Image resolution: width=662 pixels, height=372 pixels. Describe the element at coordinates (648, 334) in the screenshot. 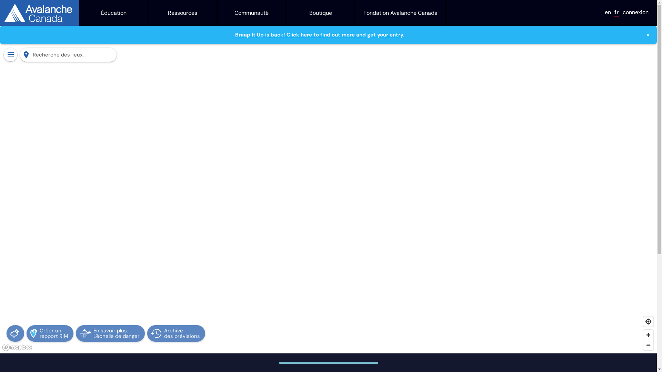

I see `'Zoom in'` at that location.